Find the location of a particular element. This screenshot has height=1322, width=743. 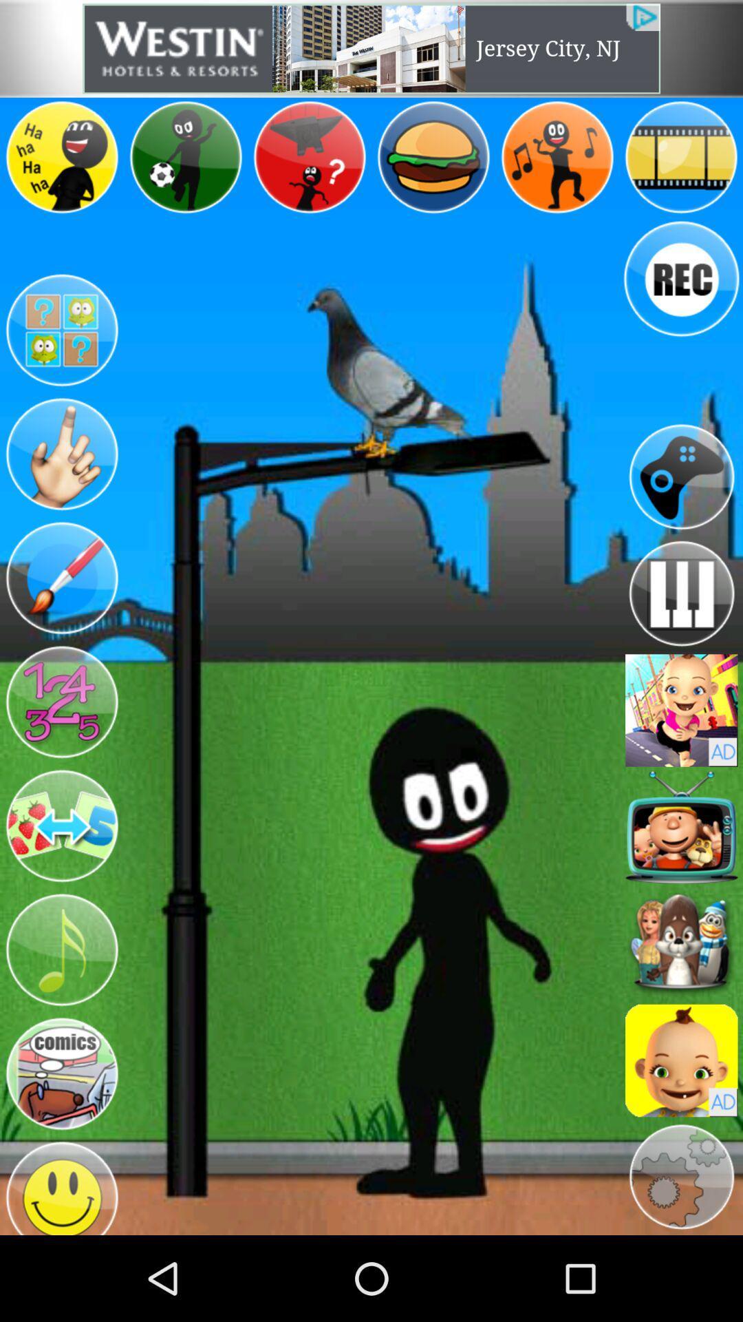

game is located at coordinates (681, 476).